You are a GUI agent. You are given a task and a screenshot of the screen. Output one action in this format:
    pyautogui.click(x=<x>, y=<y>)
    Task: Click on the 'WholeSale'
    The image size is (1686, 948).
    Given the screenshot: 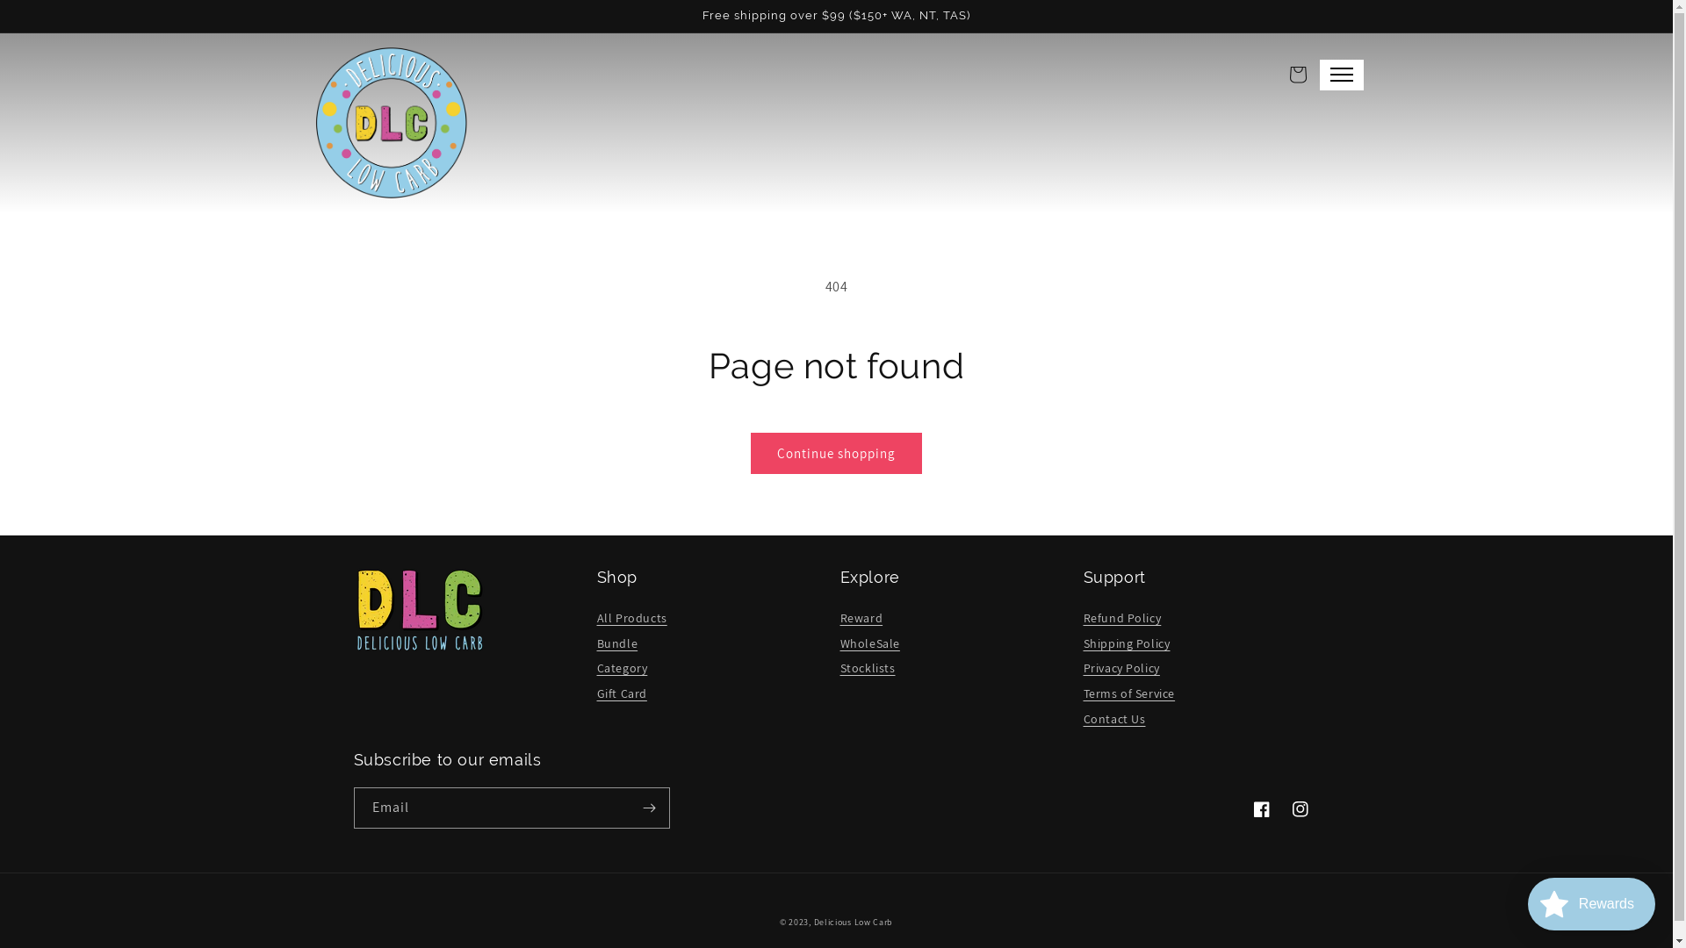 What is the action you would take?
    pyautogui.click(x=868, y=643)
    